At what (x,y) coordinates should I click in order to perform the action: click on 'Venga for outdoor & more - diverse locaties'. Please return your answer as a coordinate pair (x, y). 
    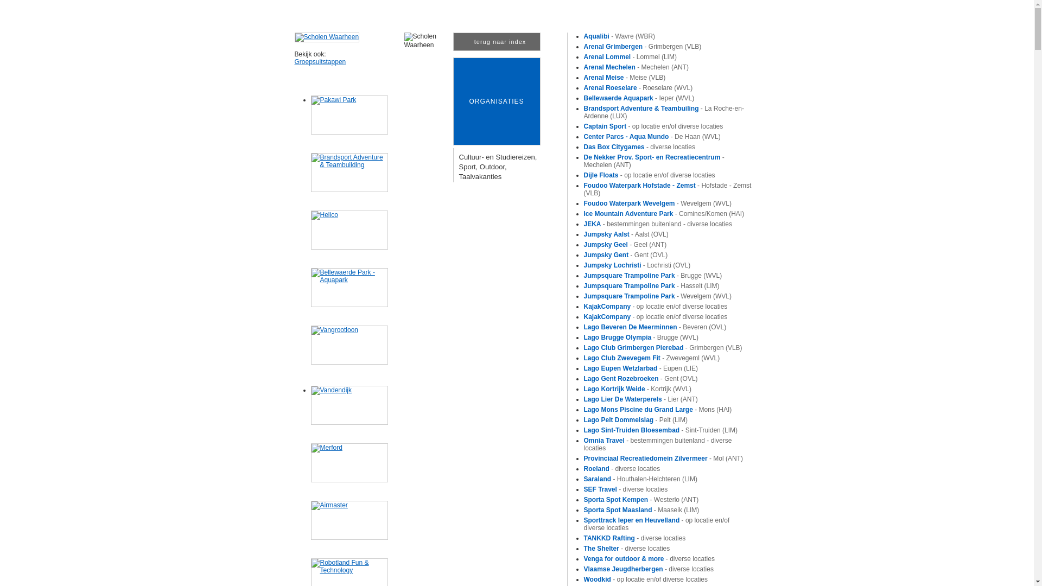
    Looking at the image, I should click on (649, 558).